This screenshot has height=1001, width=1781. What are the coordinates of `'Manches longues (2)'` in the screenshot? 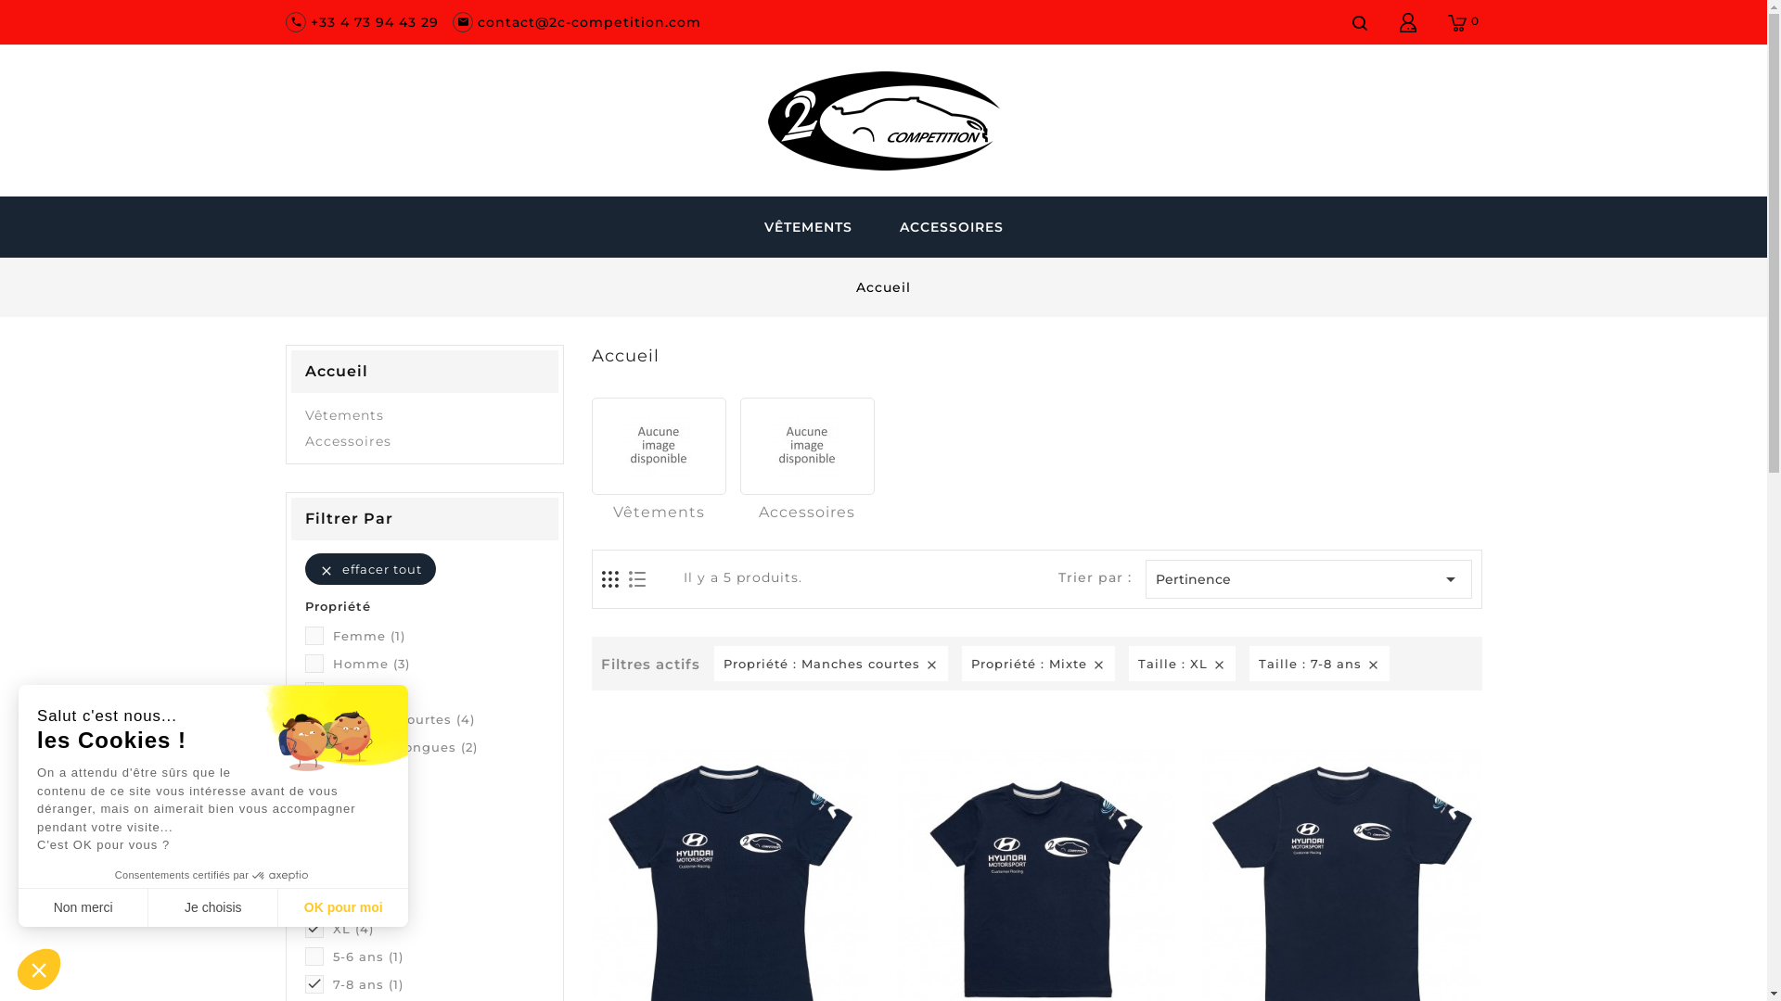 It's located at (436, 746).